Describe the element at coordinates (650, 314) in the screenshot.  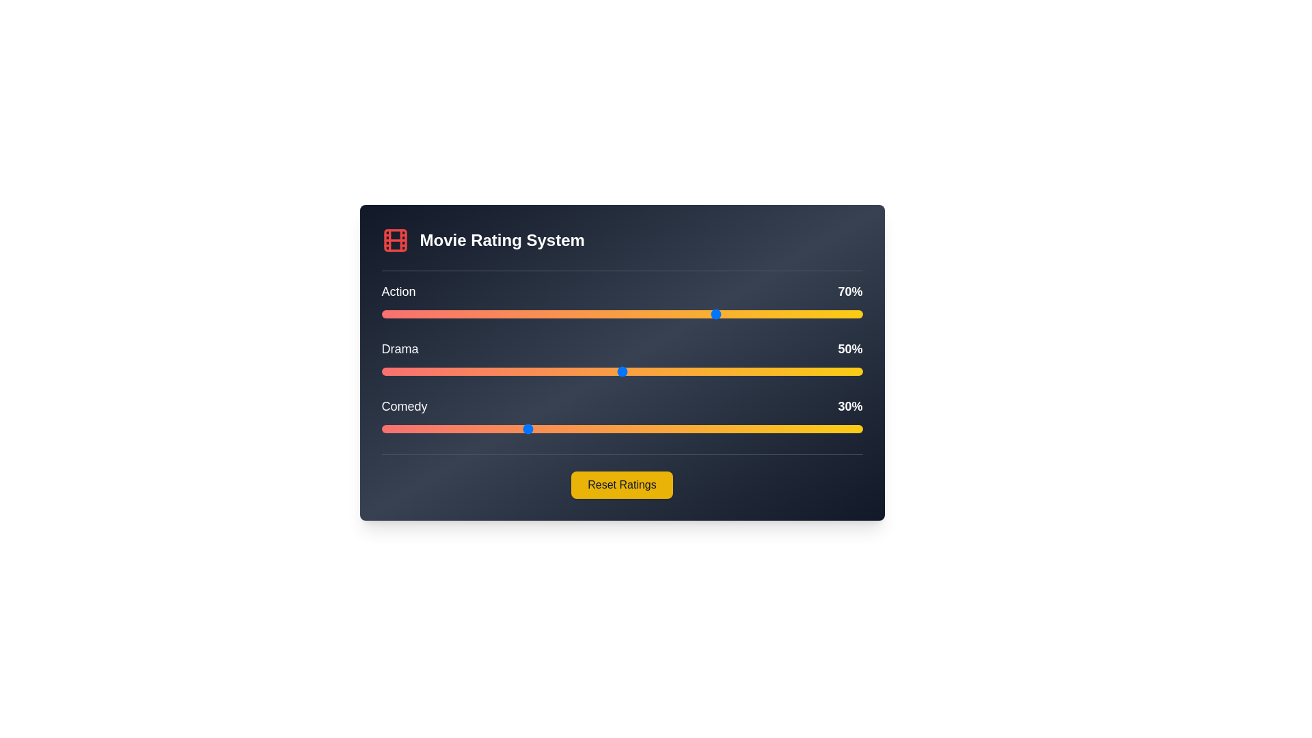
I see `the Action genre slider to a value of 56%` at that location.